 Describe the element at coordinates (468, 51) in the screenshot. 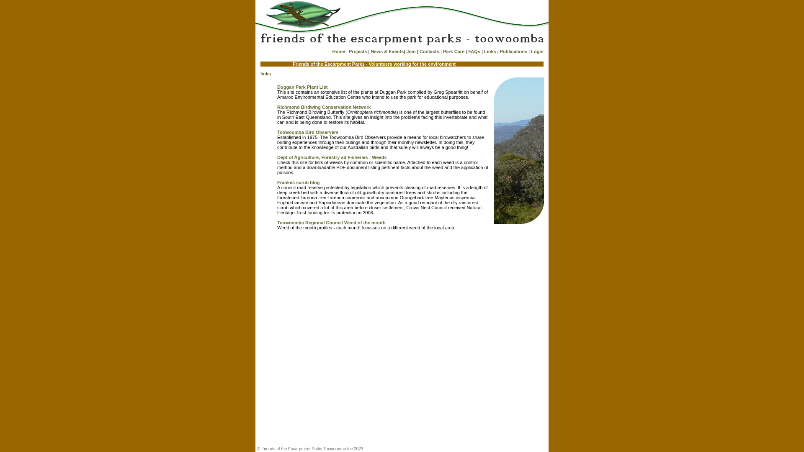

I see `'FAQs'` at that location.